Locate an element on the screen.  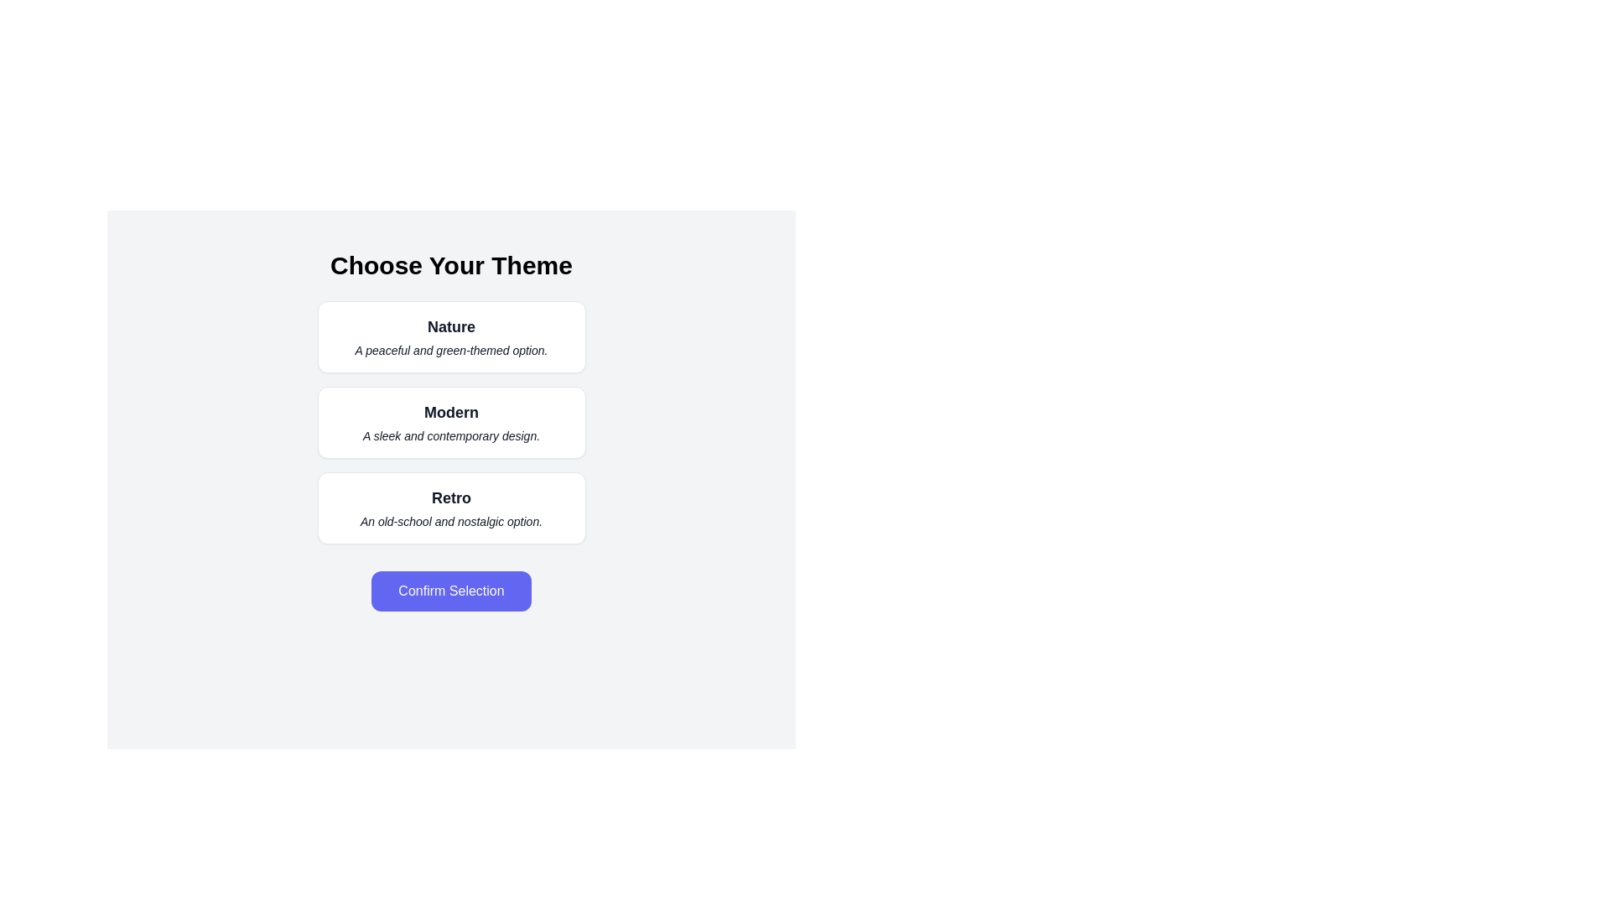
the 'Modern' theme card, which is the second option in the 'Choose Your Theme' group is located at coordinates (451, 422).